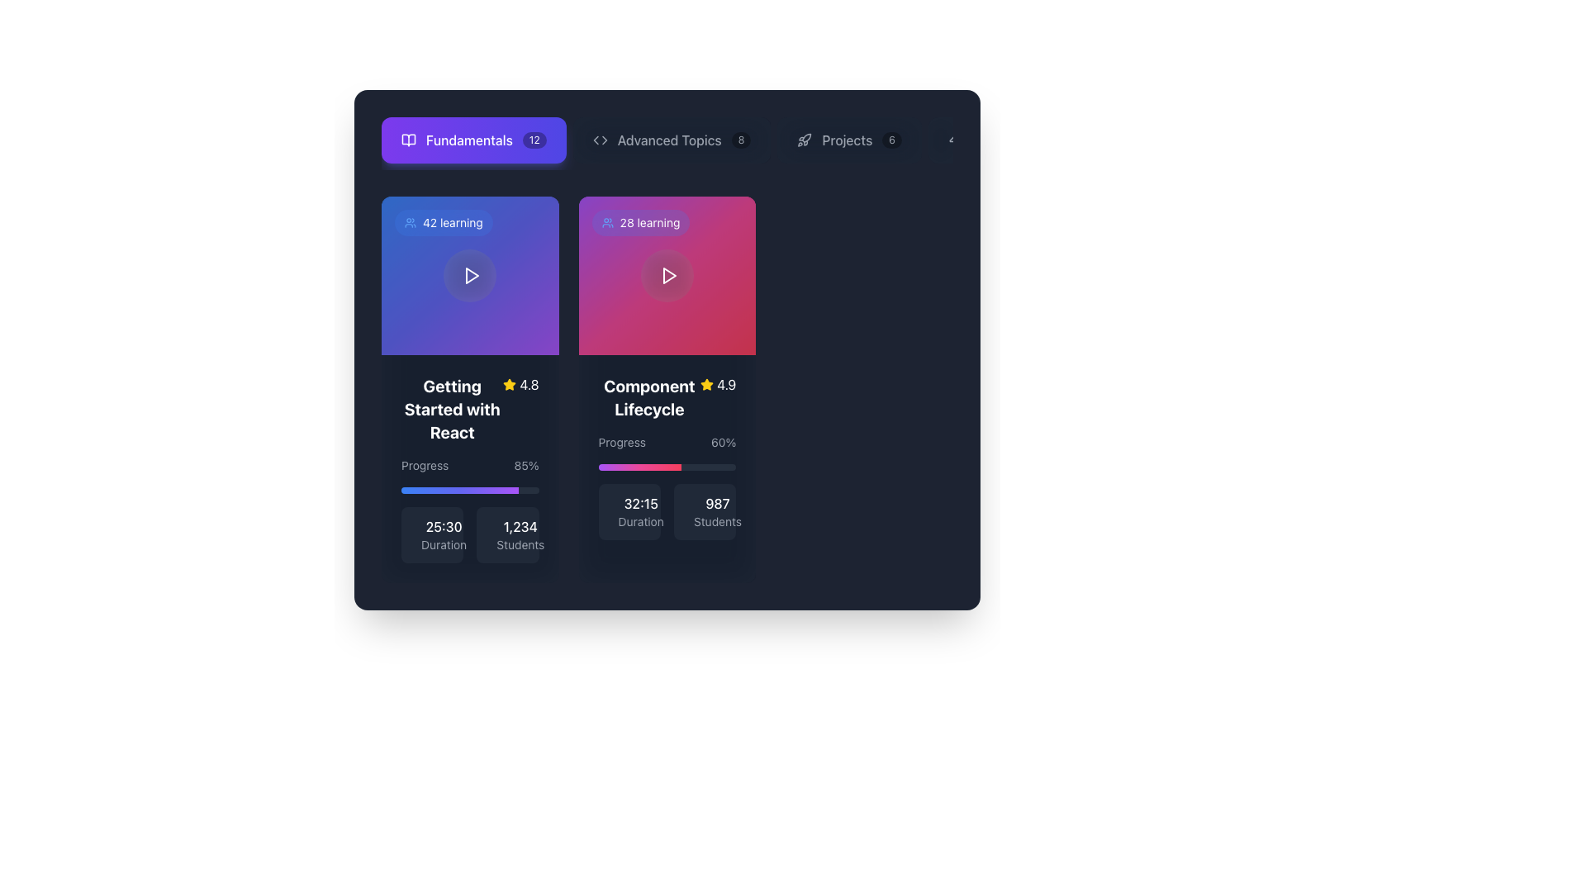 This screenshot has width=1586, height=892. Describe the element at coordinates (506, 535) in the screenshot. I see `the label displaying '1,234 Students' which is styled with bold white font for the number and smaller gray font for the text, located in the lower right corner of a grid item` at that location.